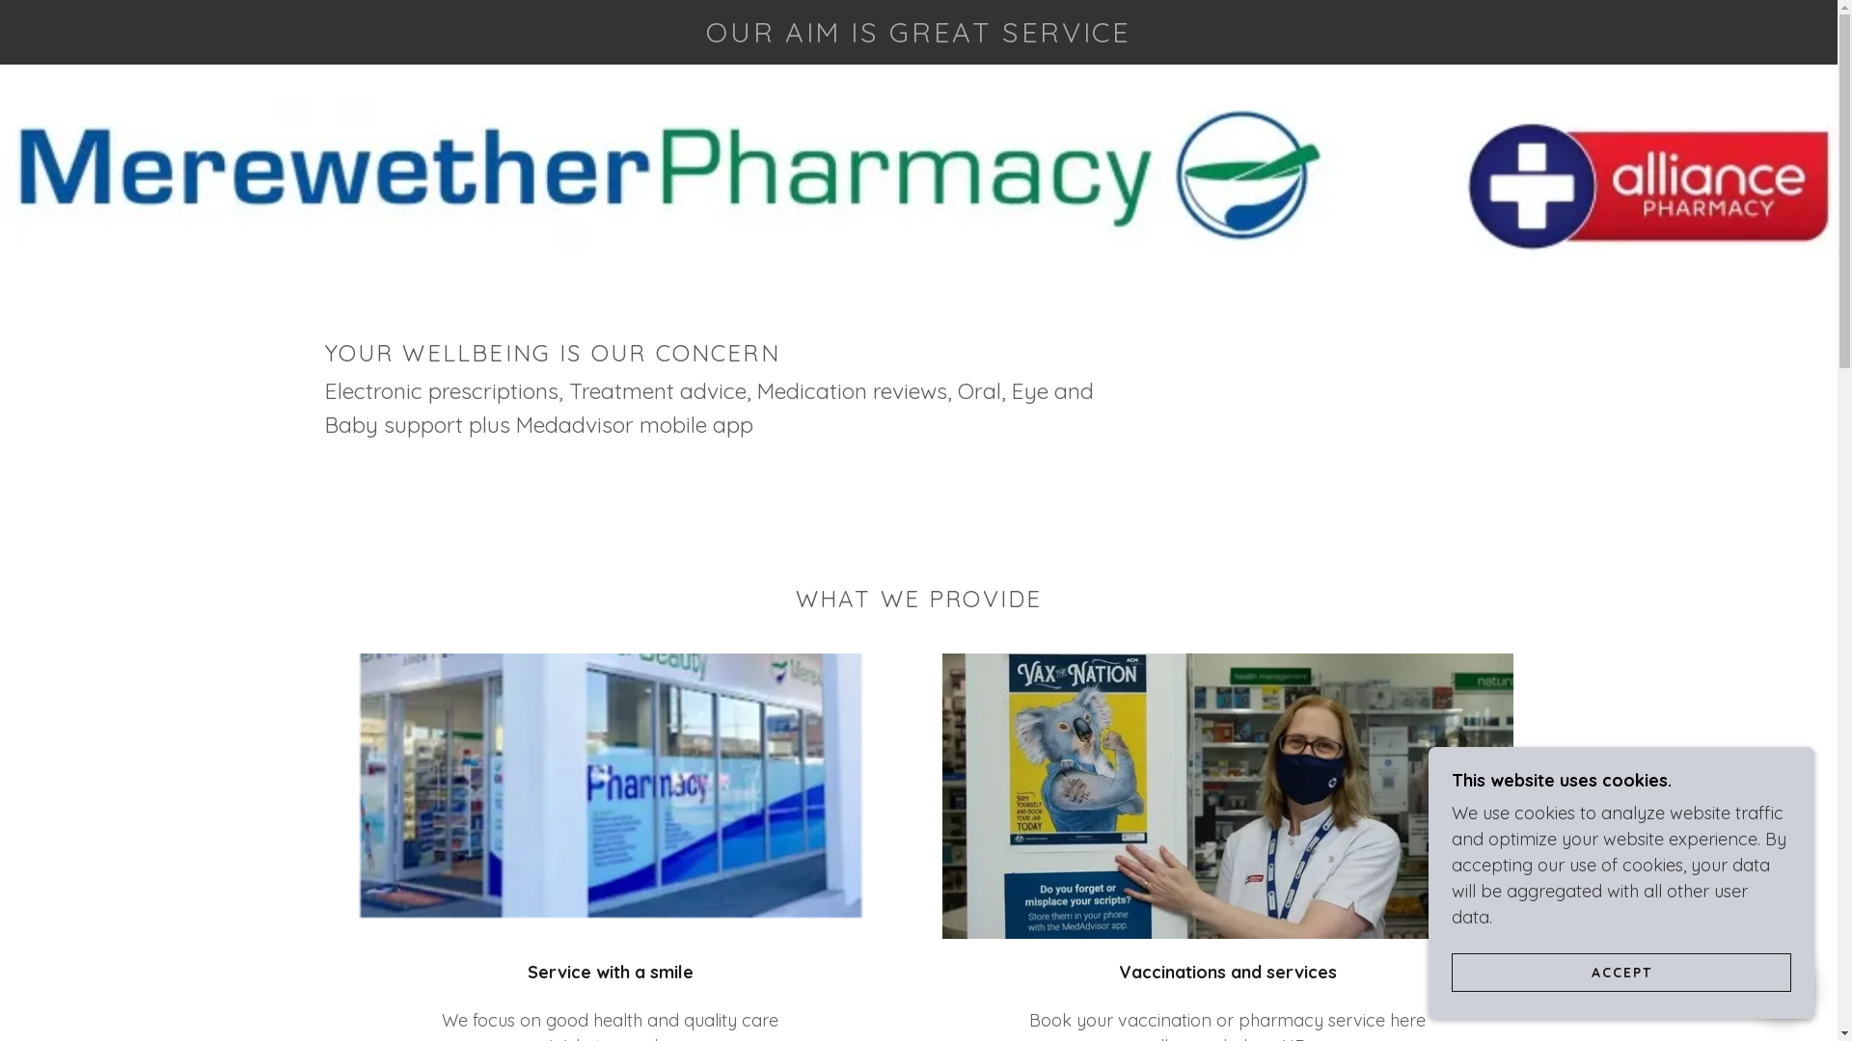 Image resolution: width=1852 pixels, height=1041 pixels. What do you see at coordinates (1620, 971) in the screenshot?
I see `'ACCEPT'` at bounding box center [1620, 971].